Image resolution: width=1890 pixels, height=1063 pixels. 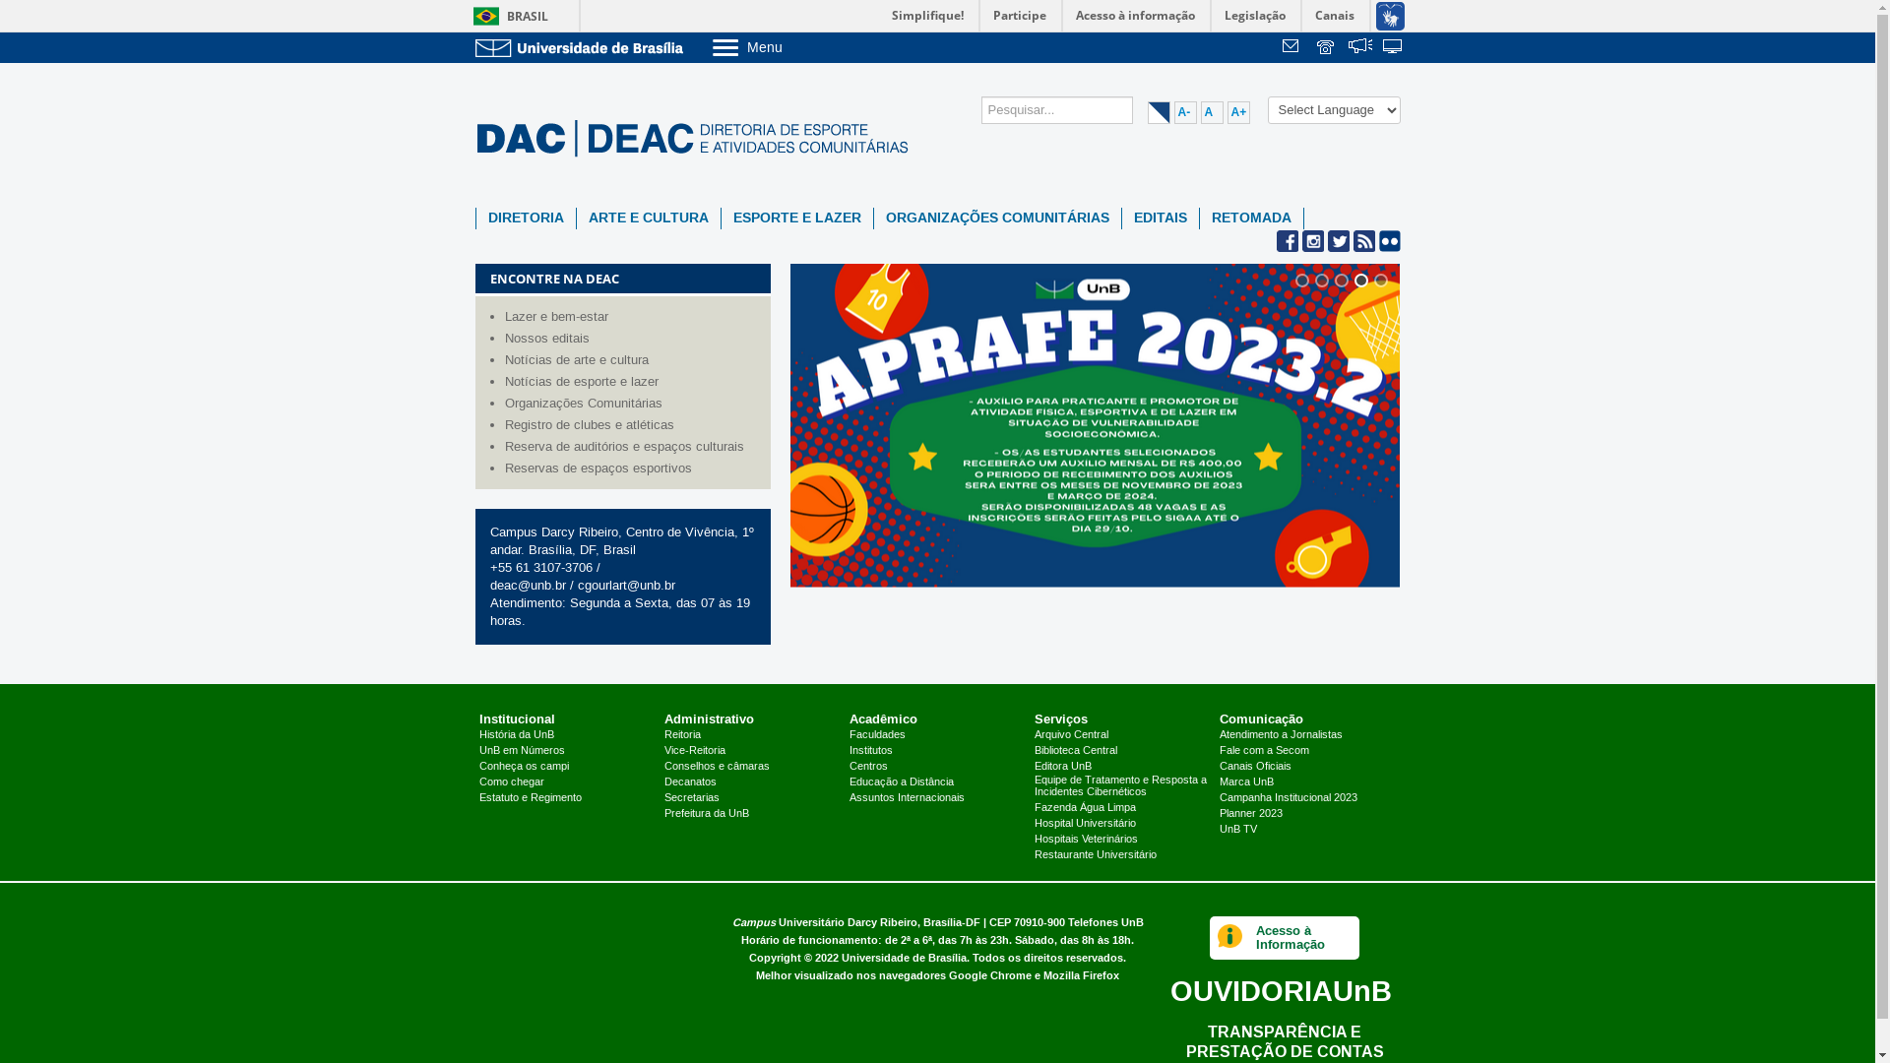 What do you see at coordinates (850, 751) in the screenshot?
I see `'Institutos'` at bounding box center [850, 751].